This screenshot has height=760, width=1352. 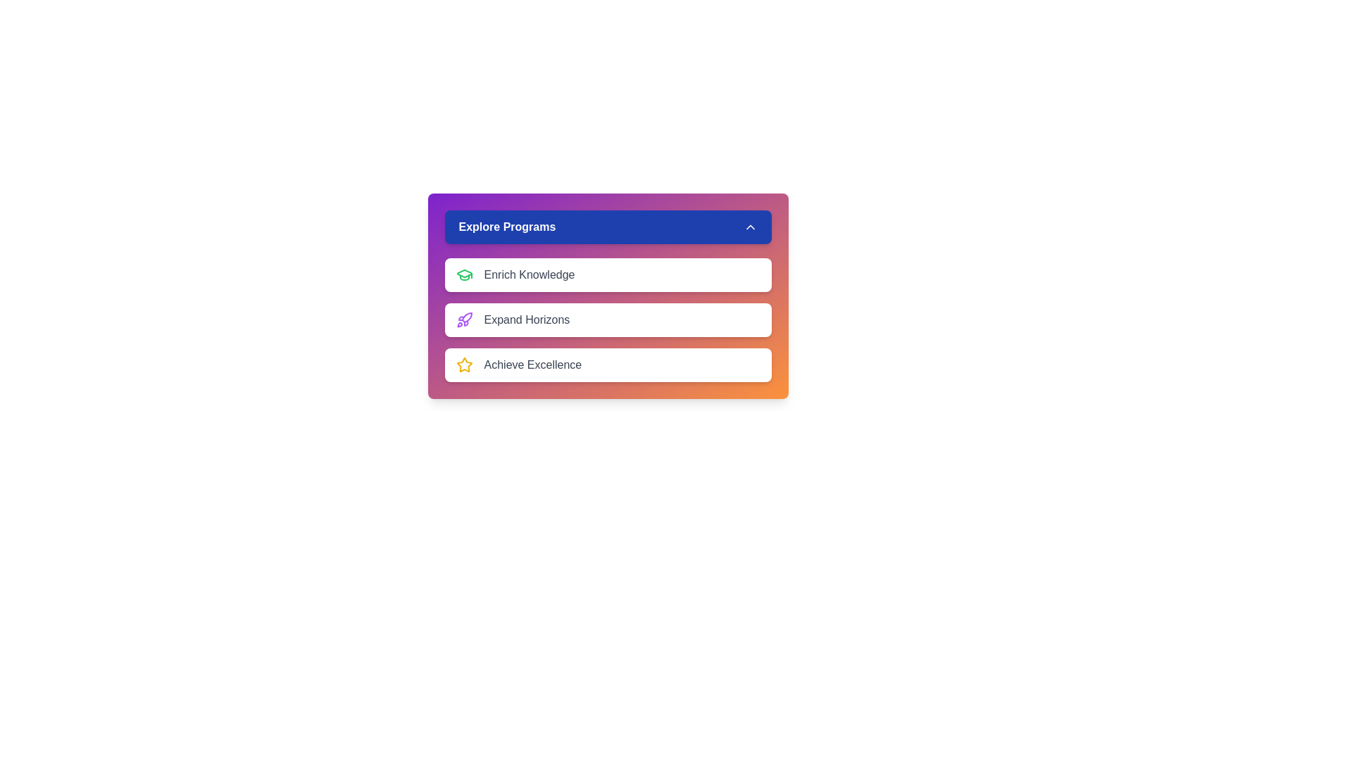 I want to click on text label displaying 'Achieve Excellence' located in the bottom row of the list within the card-like layout, positioned to the right of a yellow star icon, so click(x=532, y=365).